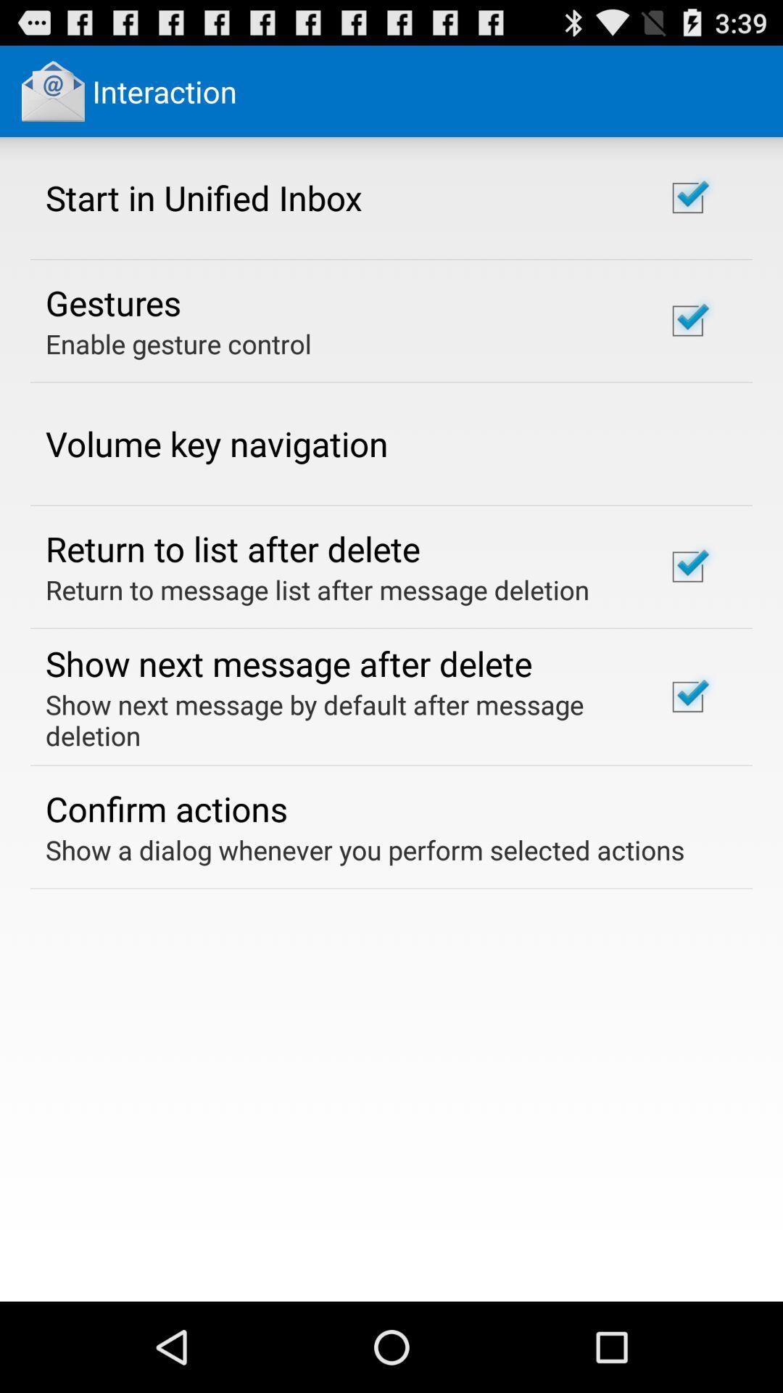 This screenshot has height=1393, width=783. What do you see at coordinates (178, 343) in the screenshot?
I see `the icon below the gestures icon` at bounding box center [178, 343].